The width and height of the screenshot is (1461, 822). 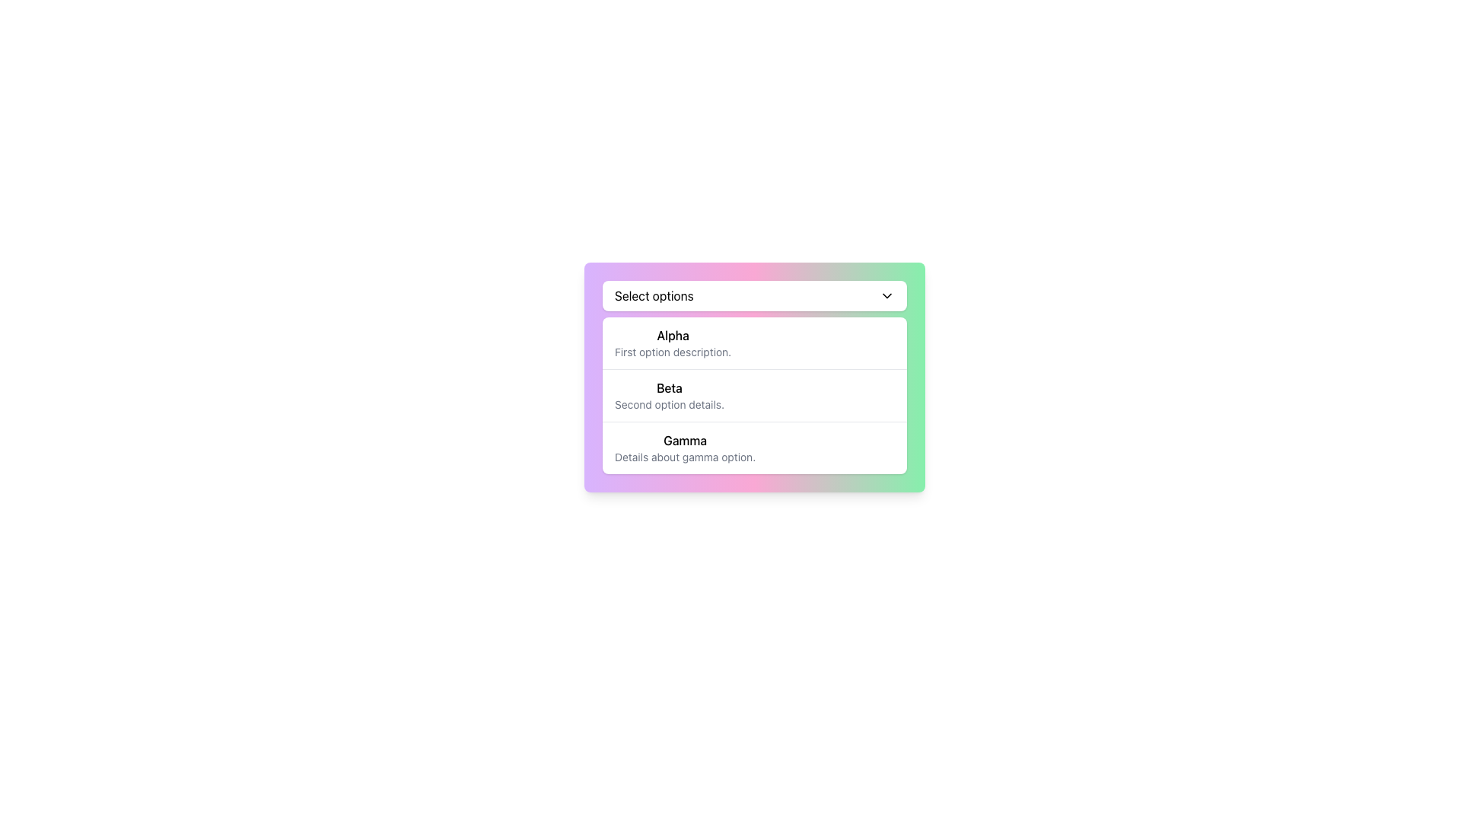 What do you see at coordinates (755, 394) in the screenshot?
I see `the second item in the selectable list, labeled 'Beta'` at bounding box center [755, 394].